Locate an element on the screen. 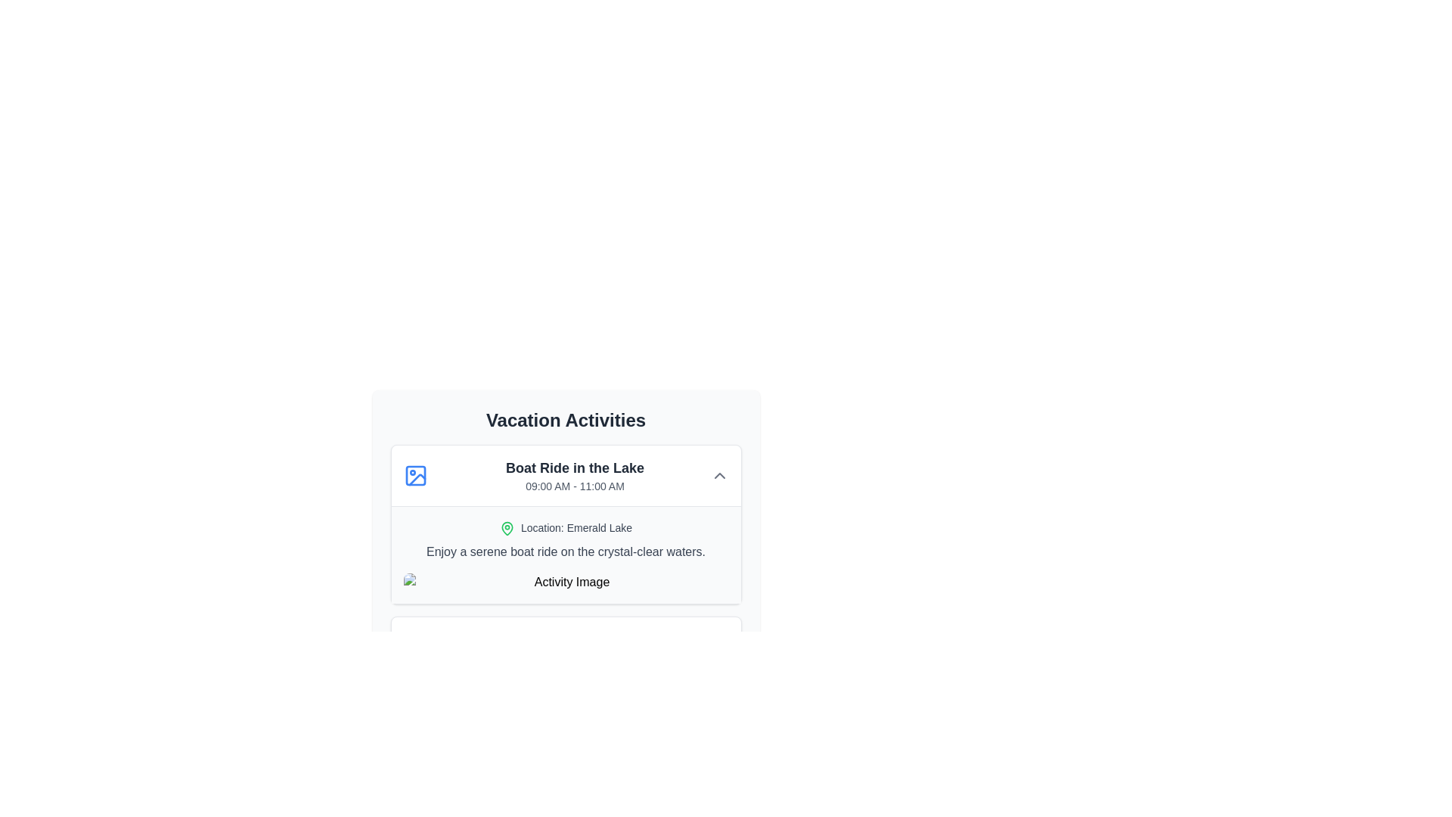  the large, bold text reading 'Boat Ride in the Lake', which is prominently styled and positioned centrally as a headline is located at coordinates (574, 467).